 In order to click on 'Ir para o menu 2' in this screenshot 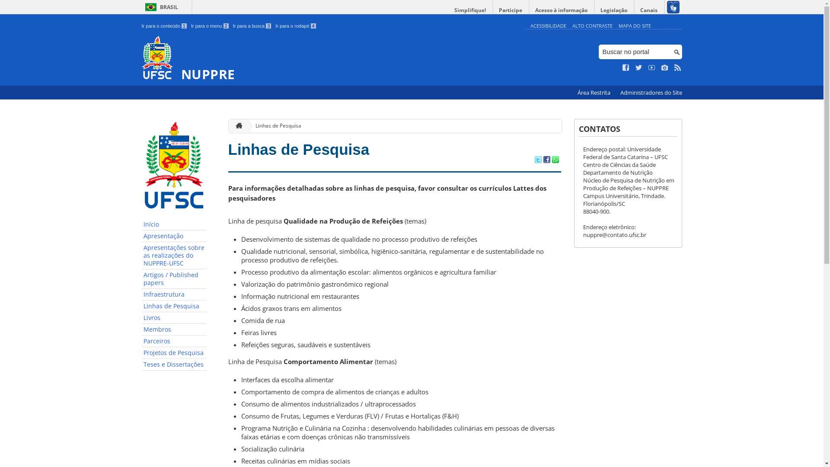, I will do `click(210, 26)`.